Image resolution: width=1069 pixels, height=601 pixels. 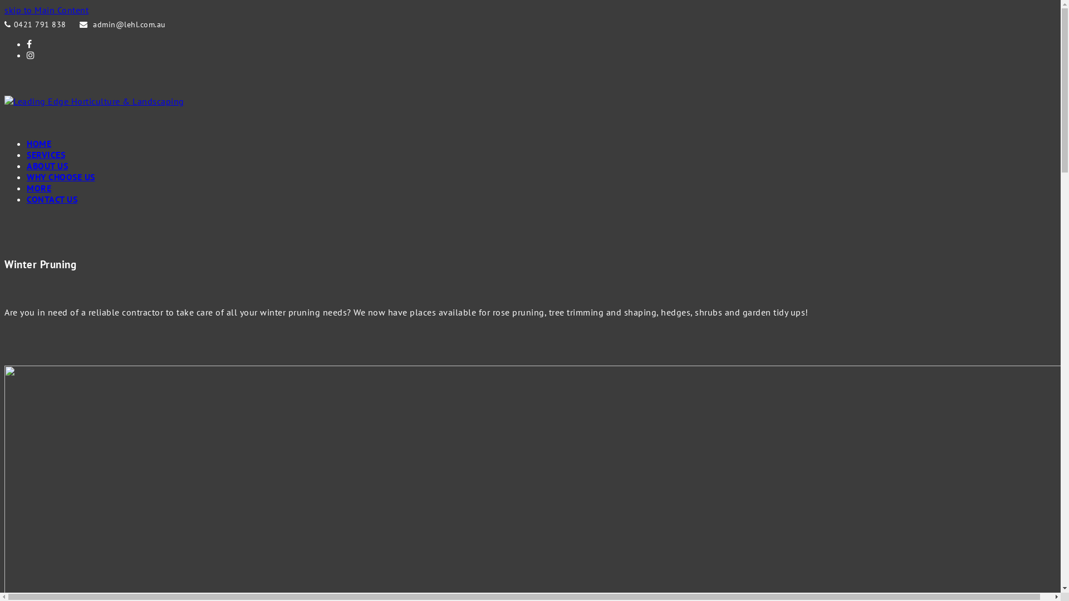 I want to click on 'Instagram', so click(x=31, y=55).